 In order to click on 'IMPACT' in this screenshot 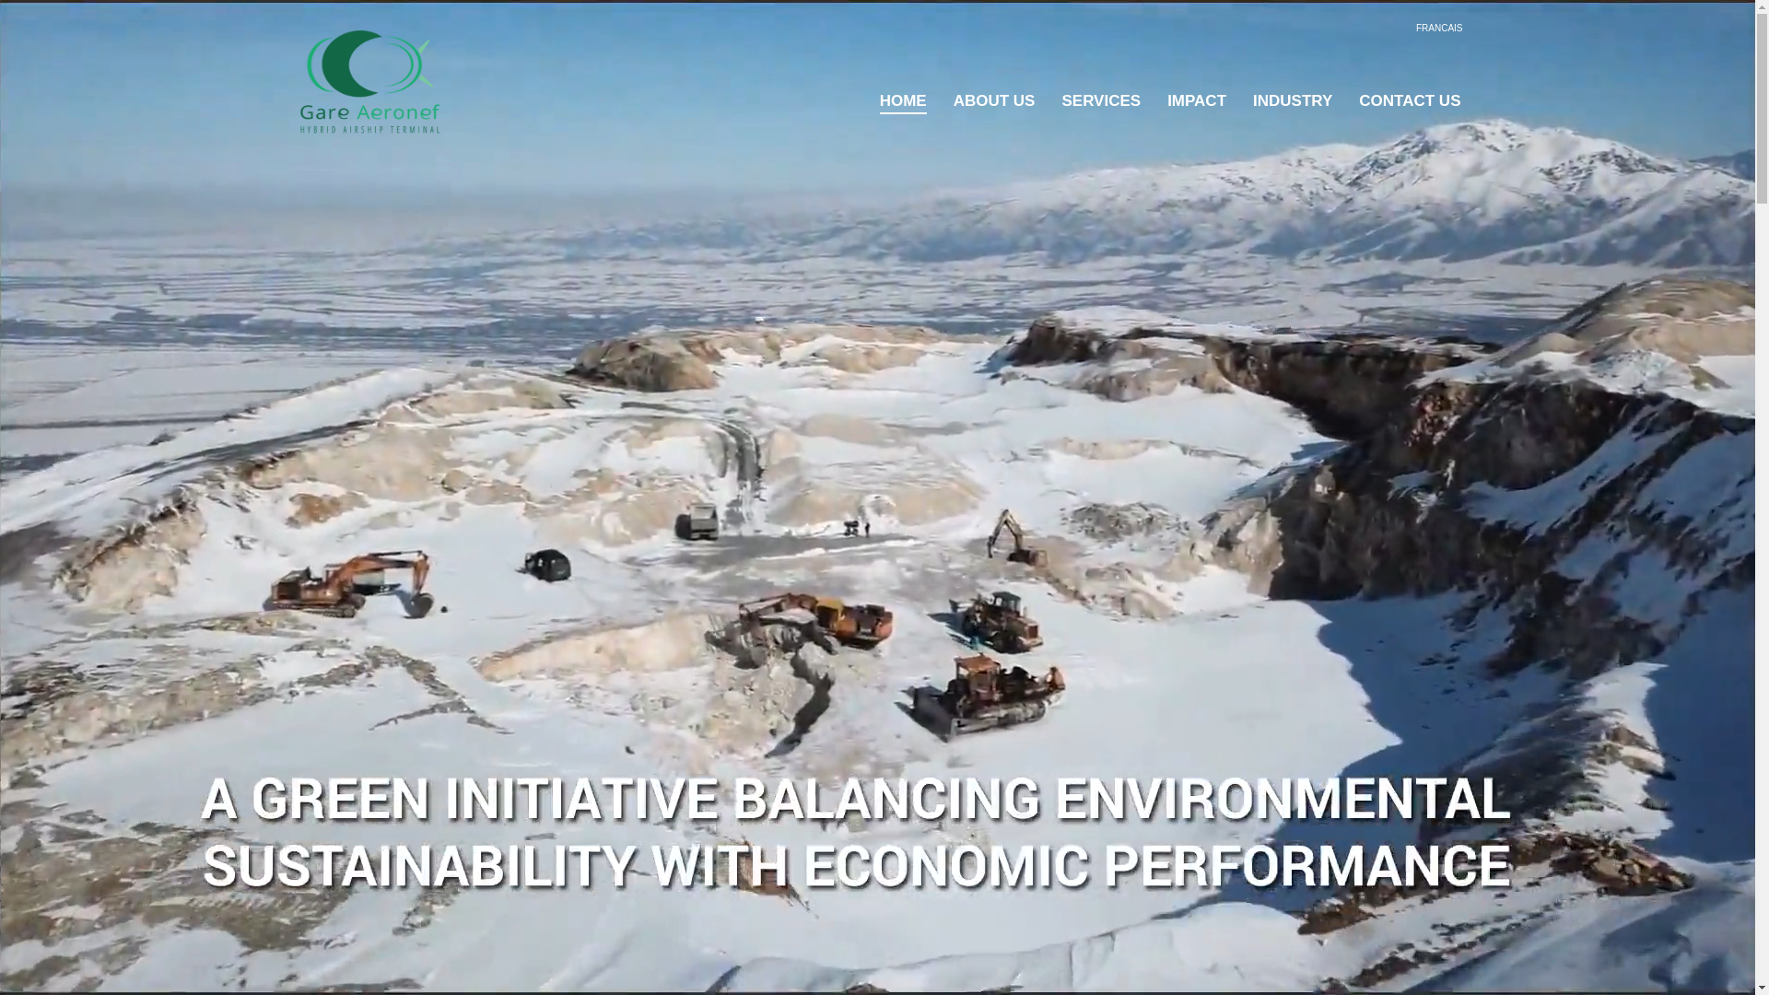, I will do `click(1197, 101)`.